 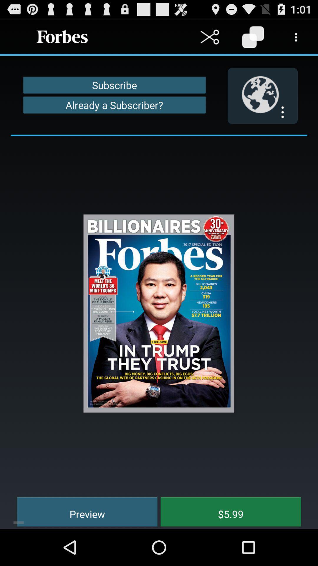 I want to click on already a subscriber? item, so click(x=114, y=105).